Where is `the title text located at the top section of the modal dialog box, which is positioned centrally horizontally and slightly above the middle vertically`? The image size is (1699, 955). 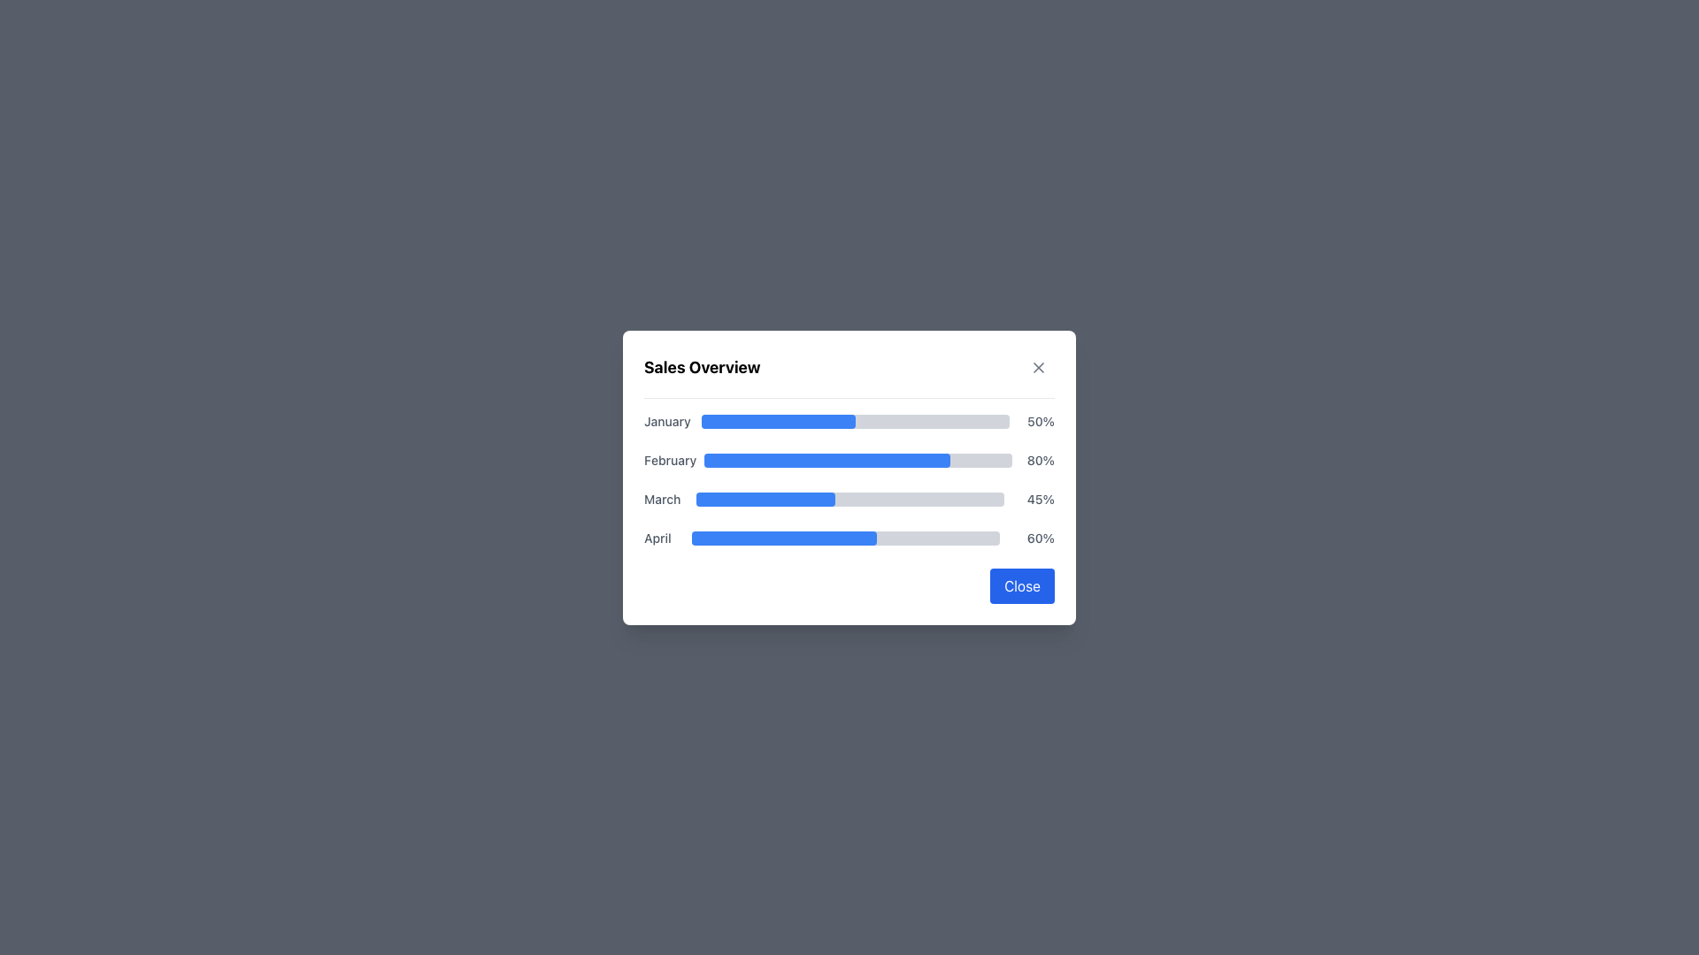 the title text located at the top section of the modal dialog box, which is positioned centrally horizontally and slightly above the middle vertically is located at coordinates (701, 366).